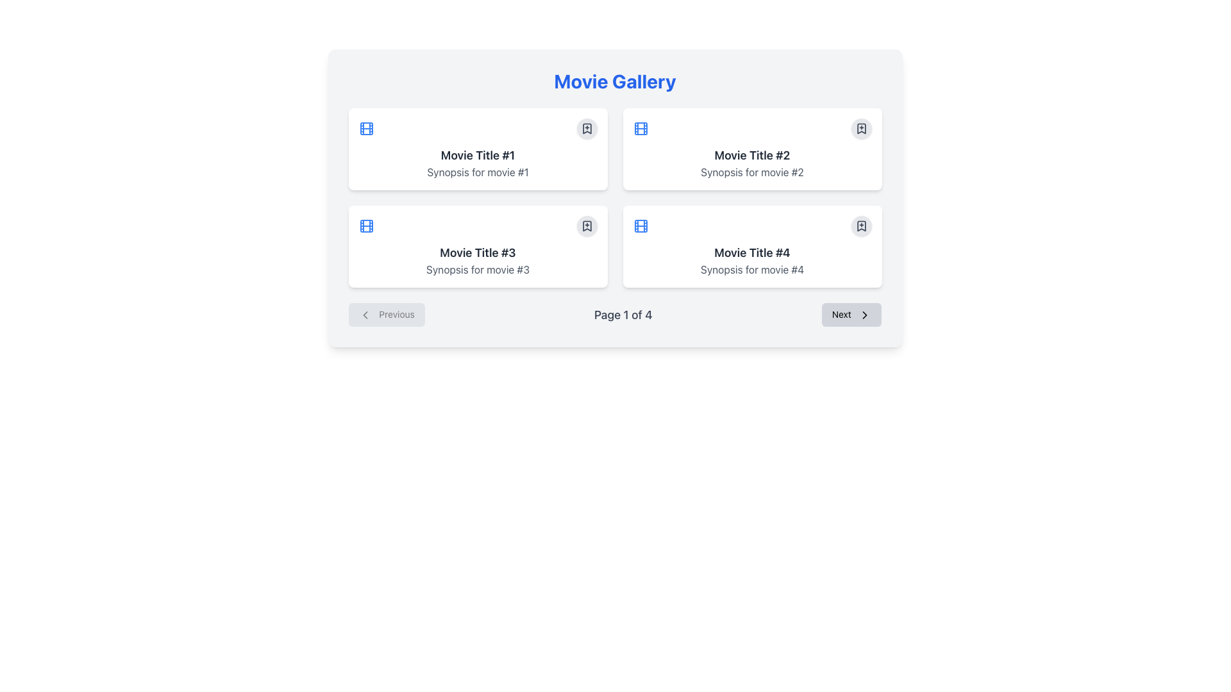 The height and width of the screenshot is (692, 1231). I want to click on the 'Previous' button located on the far left side of the pagination control at the bottom of the interface, so click(386, 315).